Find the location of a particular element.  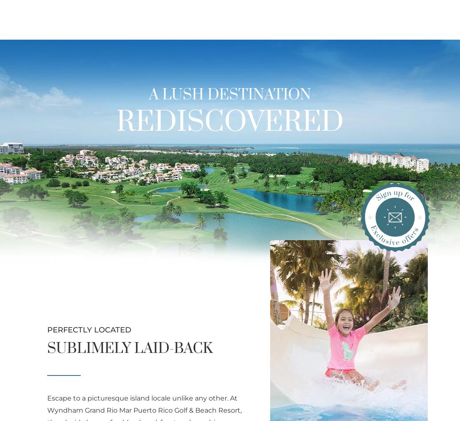

'Phone: (855) 451-9982' is located at coordinates (349, 5).